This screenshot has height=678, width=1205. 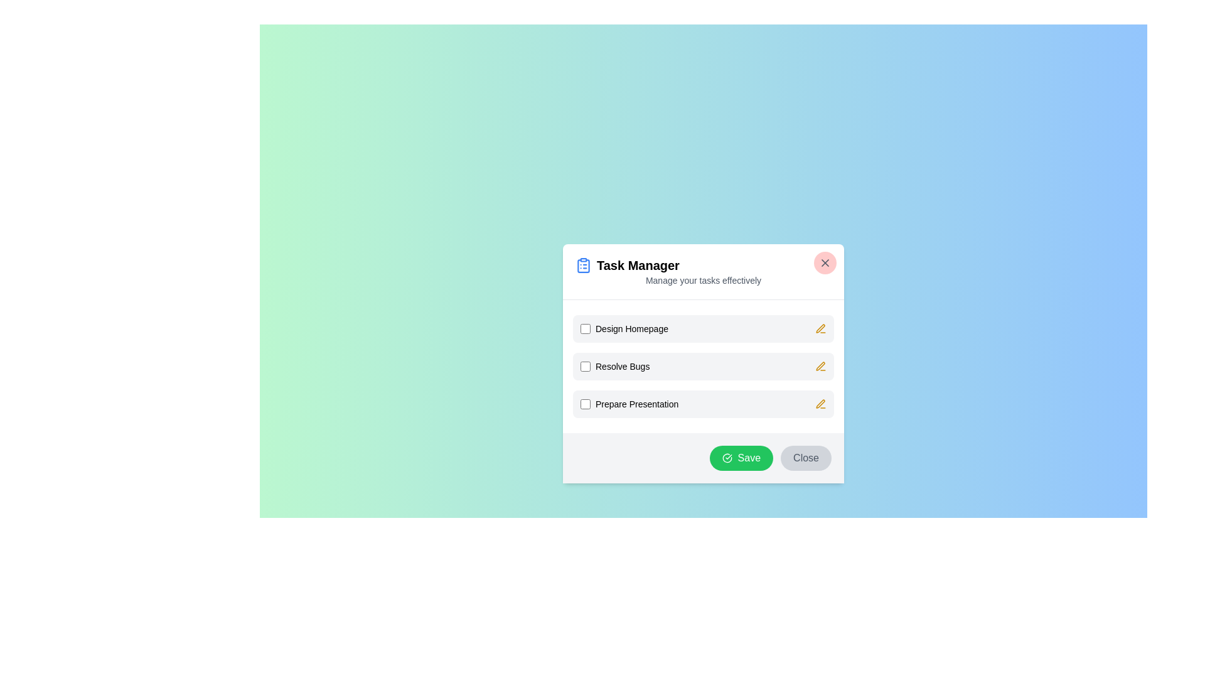 I want to click on the red 'X' icon in the top-right corner of the 'Task Manager' window, so click(x=825, y=261).